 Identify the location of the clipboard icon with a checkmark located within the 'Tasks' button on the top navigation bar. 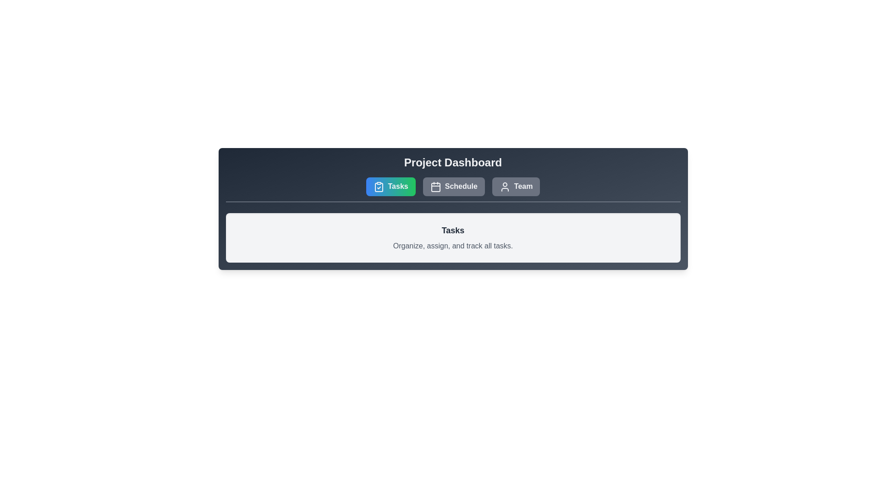
(379, 186).